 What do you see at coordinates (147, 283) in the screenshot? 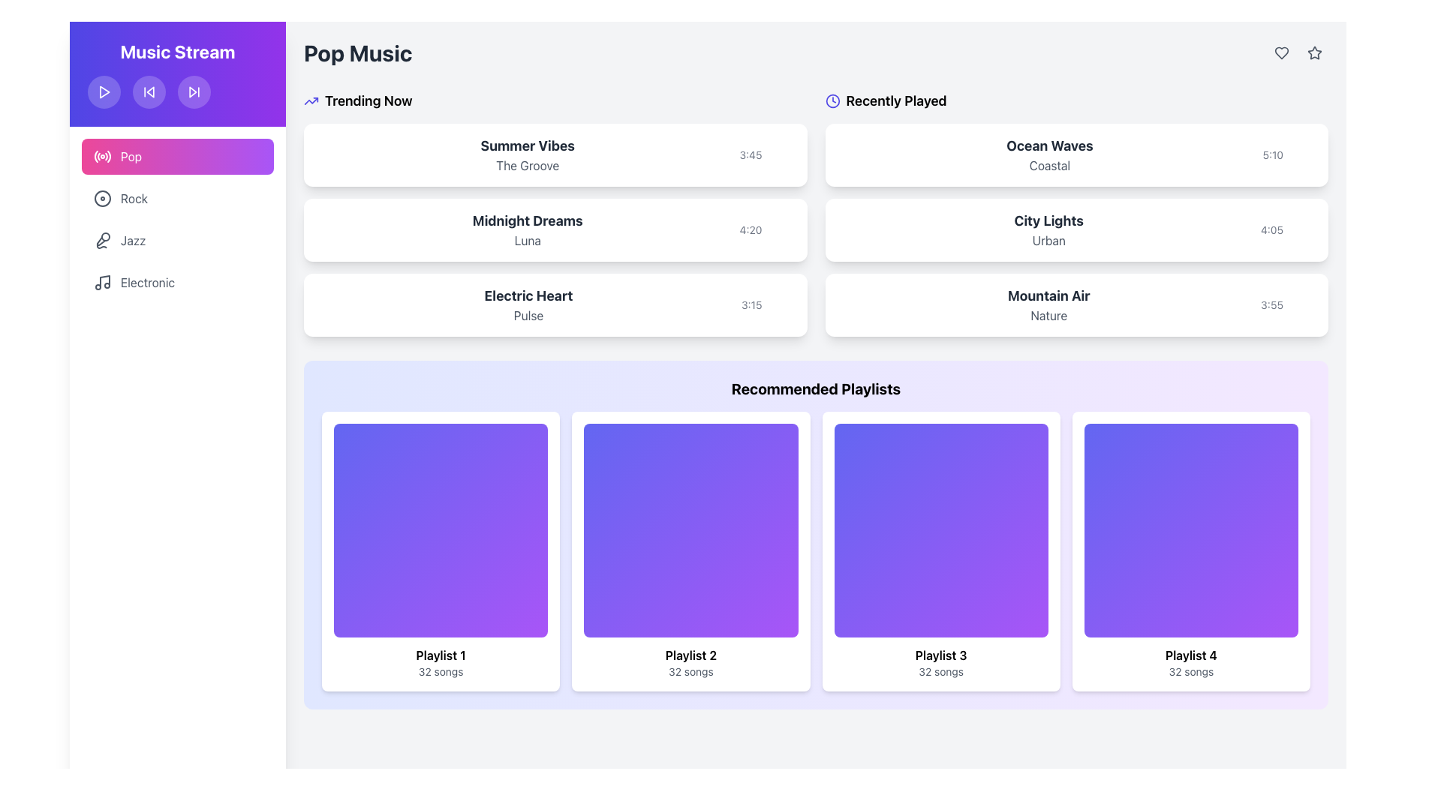
I see `the 'Electronic' music category text label in the sidebar navigation menu` at bounding box center [147, 283].